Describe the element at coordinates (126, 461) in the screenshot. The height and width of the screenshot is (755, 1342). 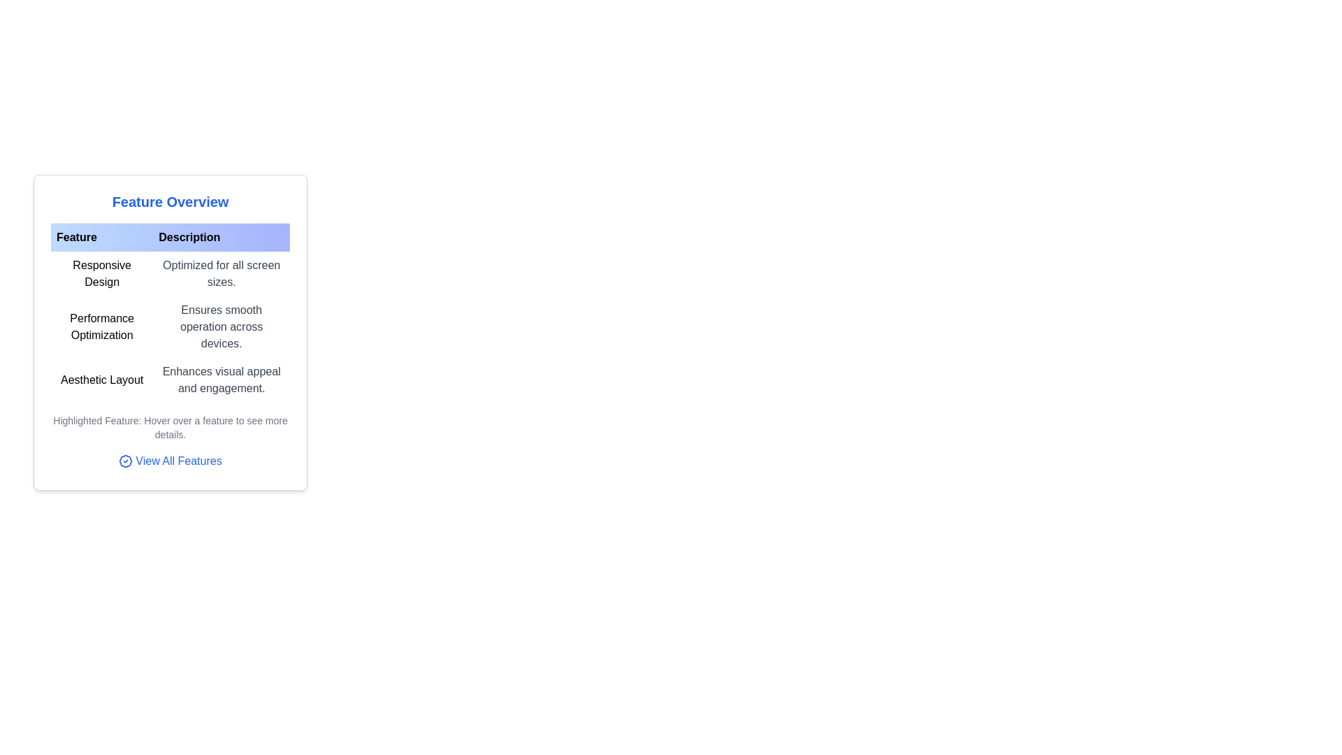
I see `the circular badge icon with a checkmark located to the left of the 'View All Features' text` at that location.